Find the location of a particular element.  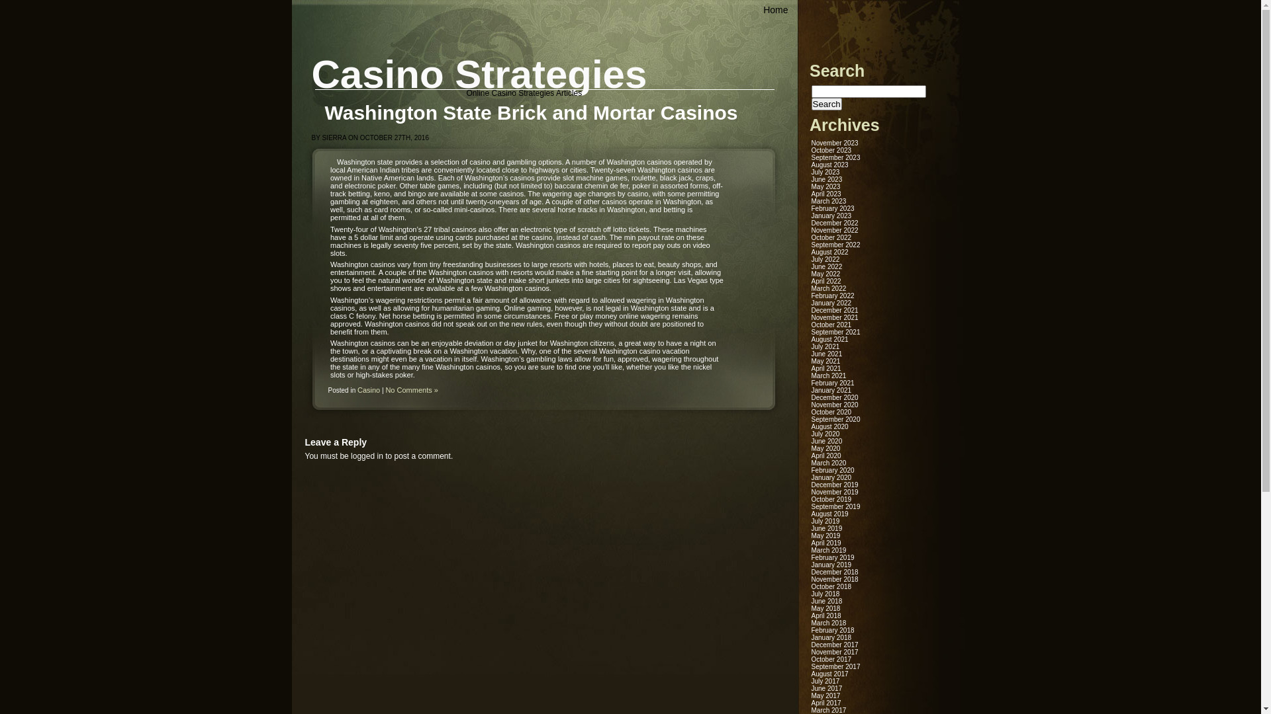

'April 2017' is located at coordinates (825, 702).